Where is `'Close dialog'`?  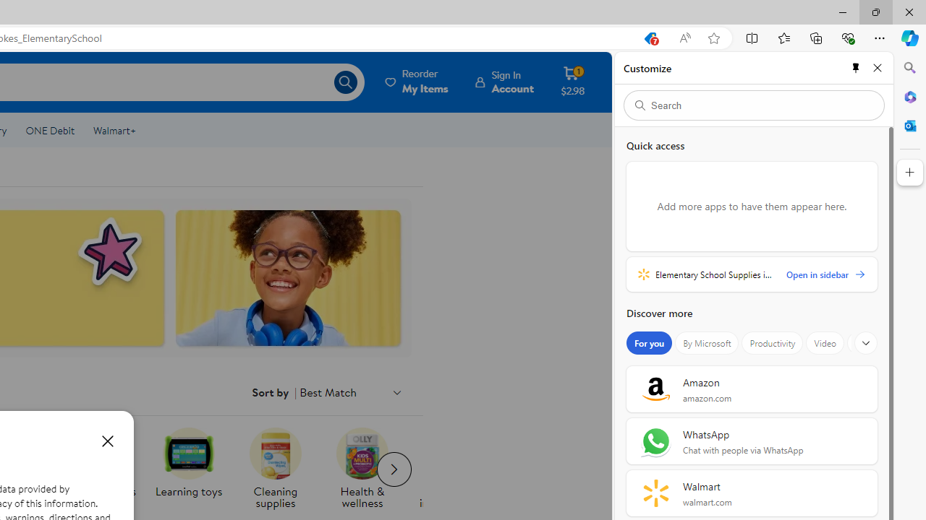 'Close dialog' is located at coordinates (107, 440).